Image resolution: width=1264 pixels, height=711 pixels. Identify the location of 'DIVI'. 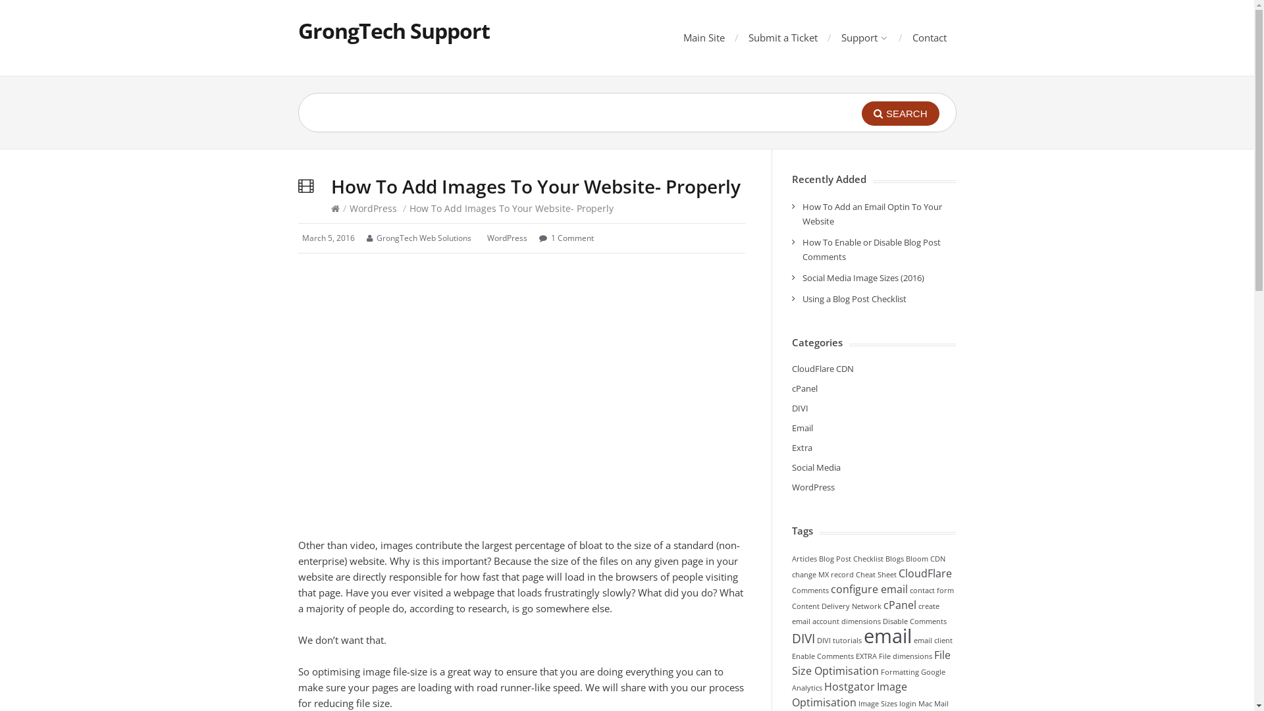
(790, 637).